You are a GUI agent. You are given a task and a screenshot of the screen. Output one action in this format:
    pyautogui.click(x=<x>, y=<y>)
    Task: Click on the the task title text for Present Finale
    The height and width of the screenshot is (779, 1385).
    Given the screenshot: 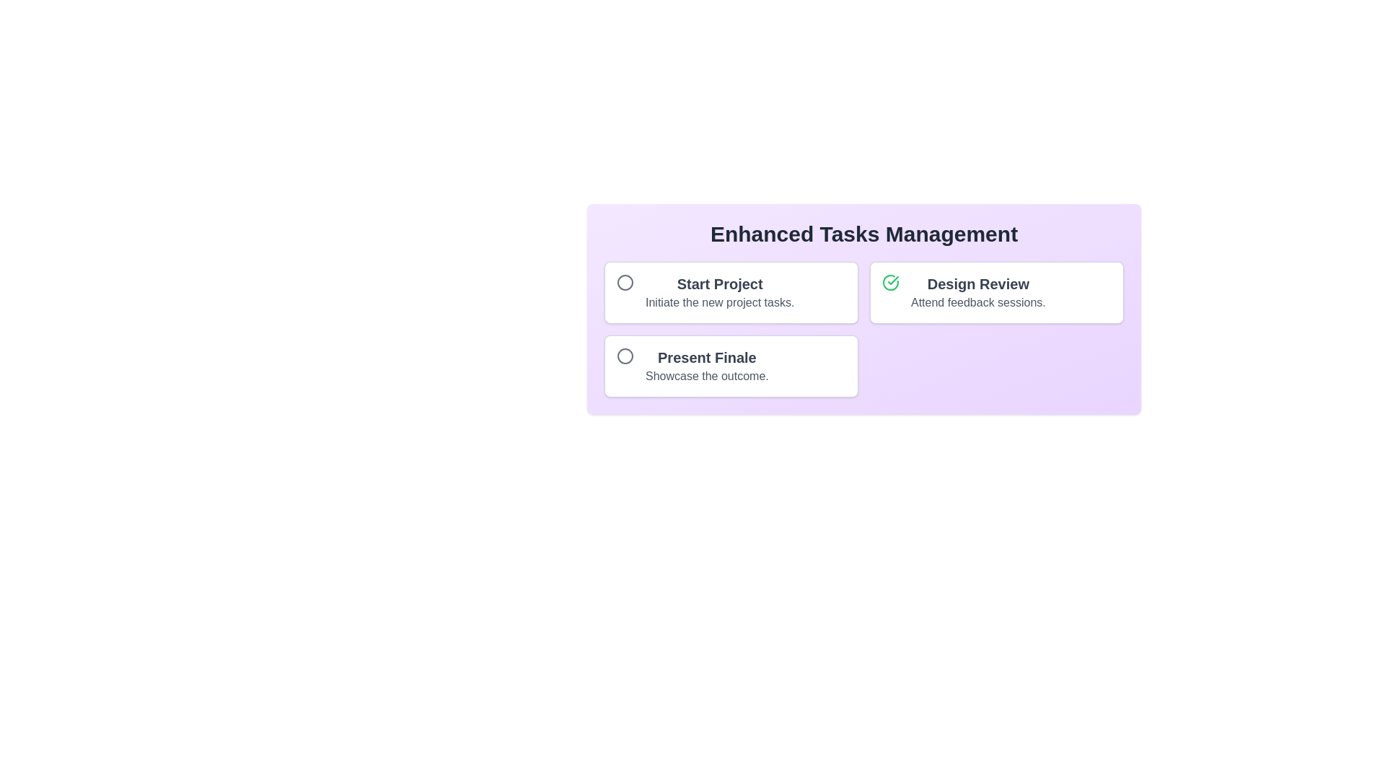 What is the action you would take?
    pyautogui.click(x=706, y=357)
    